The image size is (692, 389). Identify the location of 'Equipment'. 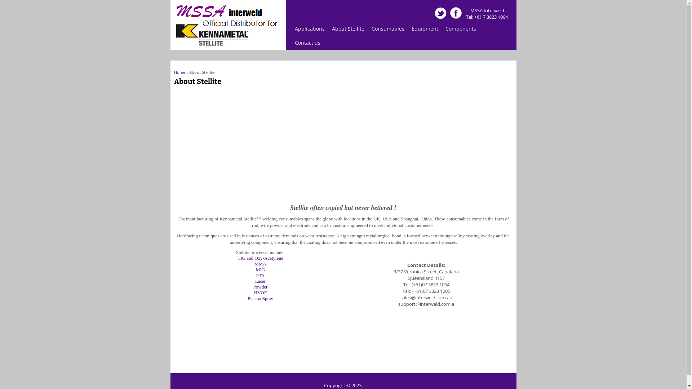
(408, 28).